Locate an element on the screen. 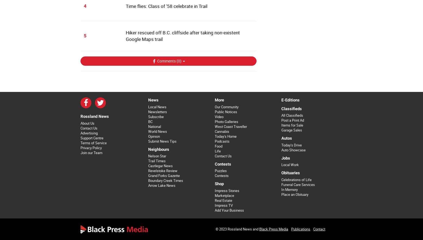  ')' is located at coordinates (181, 61).